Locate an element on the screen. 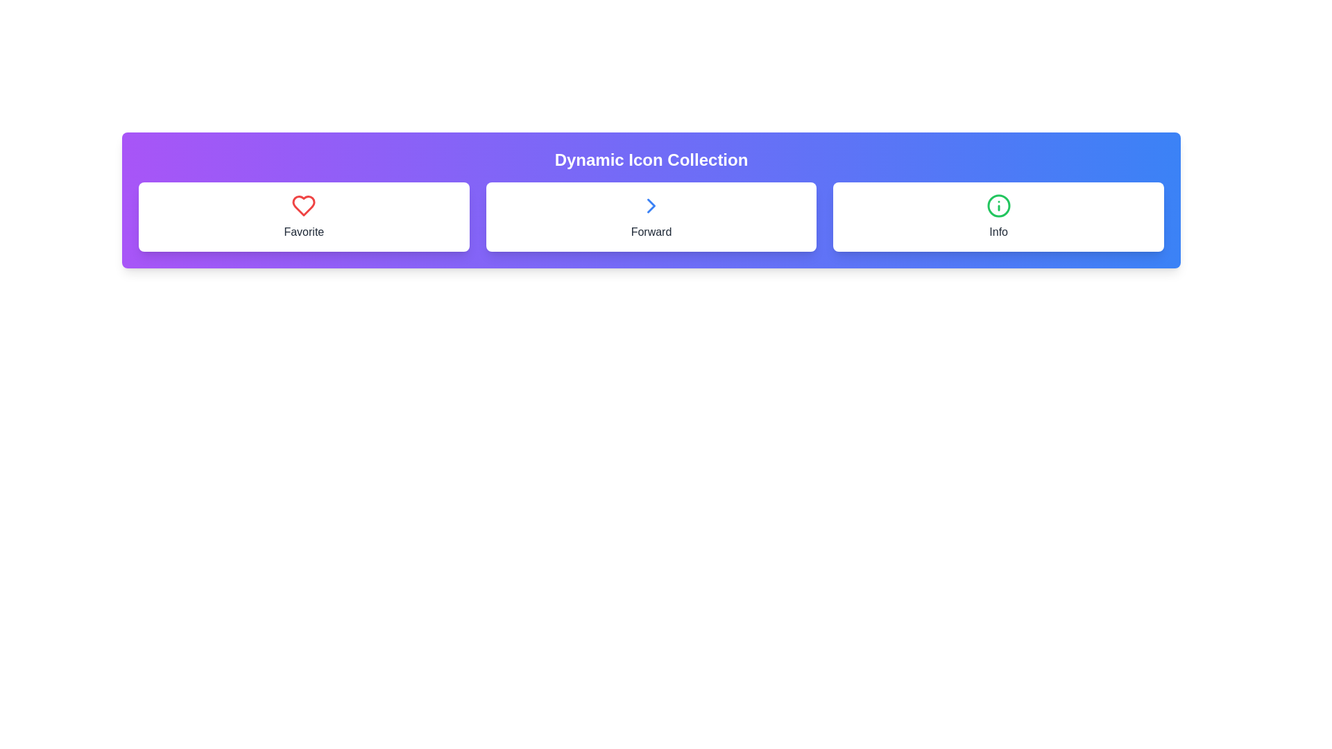  the chevron icon labeled 'Forward' which is centrally located in the middle of a horizontally aligned set of three cards is located at coordinates (651, 206).